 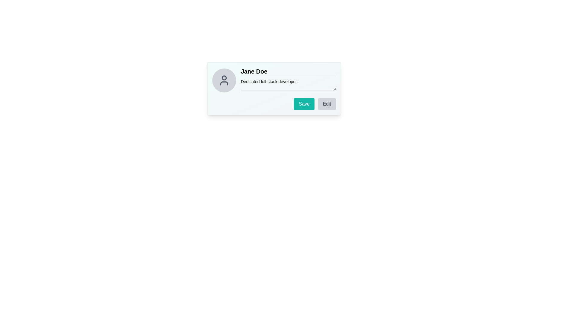 I want to click on the editing button located to the right of the 'Save' button at the bottom-right of the card interface to initiate editing, so click(x=326, y=103).